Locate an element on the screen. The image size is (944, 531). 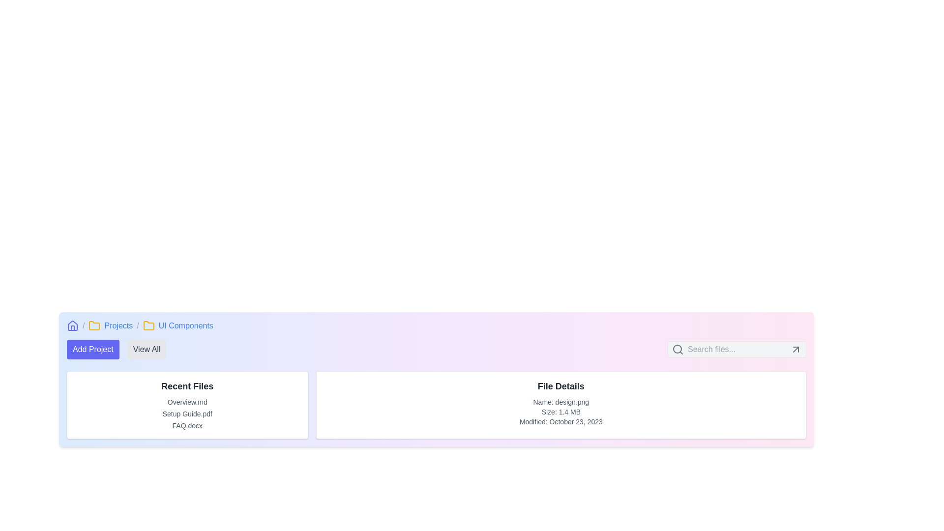
the '/' character text label in the breadcrumb navigation, styled in muted gray, located between 'Projects' and 'UI Components' is located at coordinates (137, 326).